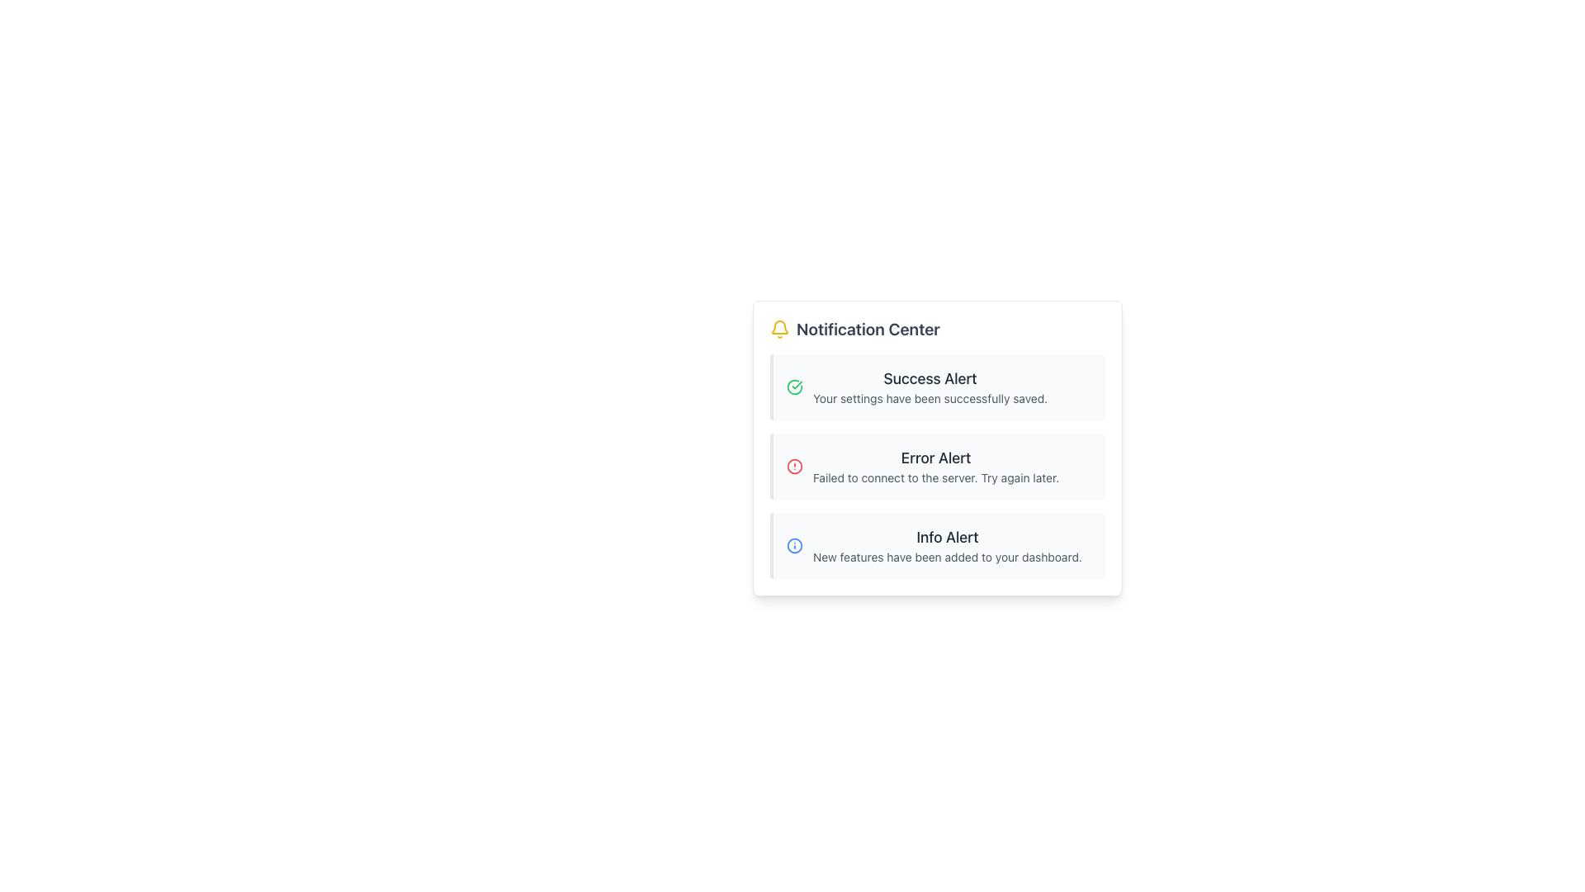 This screenshot has width=1585, height=892. I want to click on the outermost circle of the 'info' icon located to the left of the 'Info Alert' text in the notification center card, so click(795, 545).